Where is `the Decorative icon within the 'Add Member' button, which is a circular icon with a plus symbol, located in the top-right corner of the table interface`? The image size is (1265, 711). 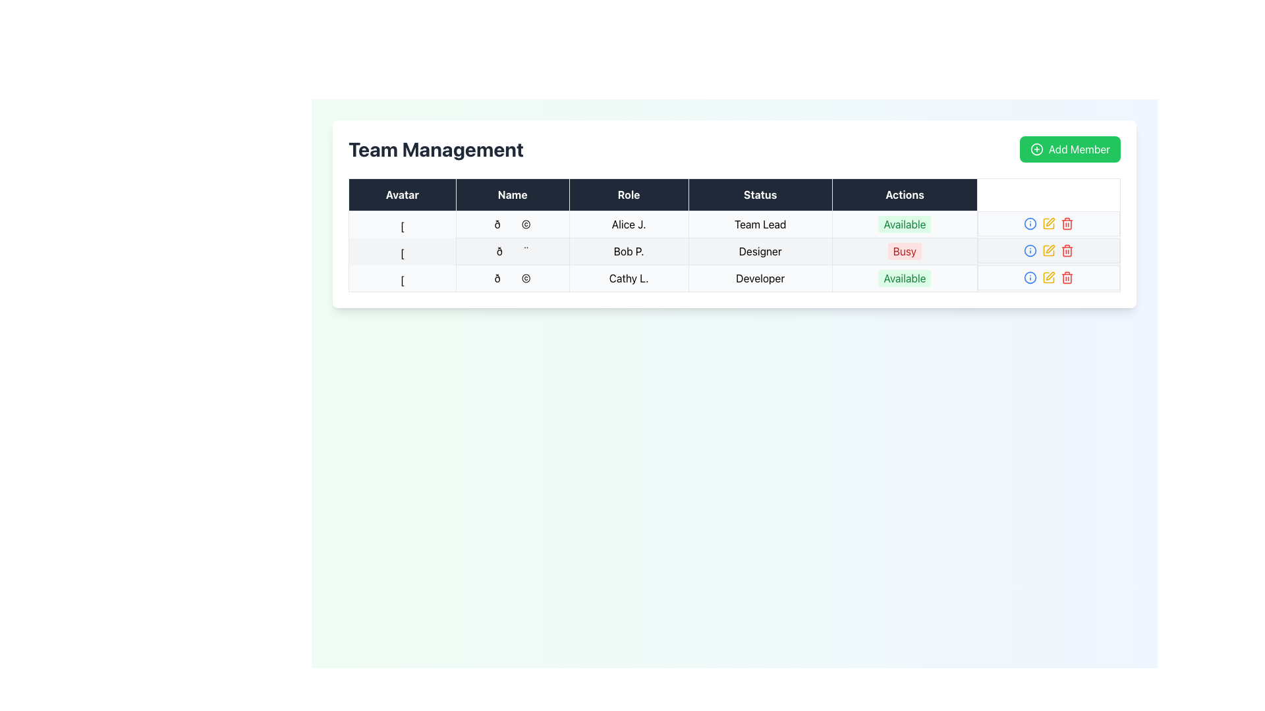
the Decorative icon within the 'Add Member' button, which is a circular icon with a plus symbol, located in the top-right corner of the table interface is located at coordinates (1036, 149).